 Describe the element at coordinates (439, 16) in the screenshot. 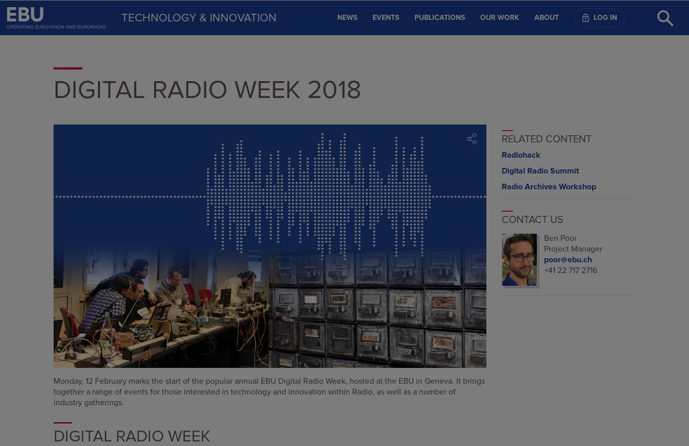

I see `'Publications'` at that location.